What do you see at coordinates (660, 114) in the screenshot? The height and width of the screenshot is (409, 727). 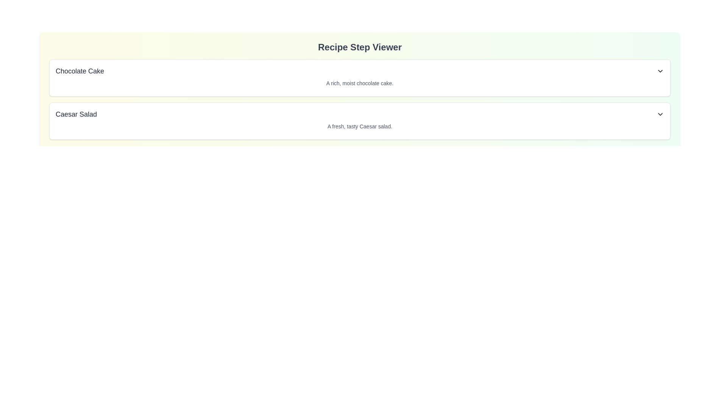 I see `the toggle button located at the rightmost part of the 'Caesar Salad' section` at bounding box center [660, 114].